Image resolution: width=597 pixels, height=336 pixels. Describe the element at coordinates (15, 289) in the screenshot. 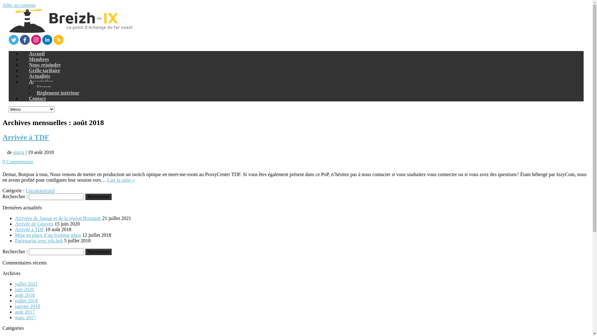

I see `'juin 2020'` at that location.